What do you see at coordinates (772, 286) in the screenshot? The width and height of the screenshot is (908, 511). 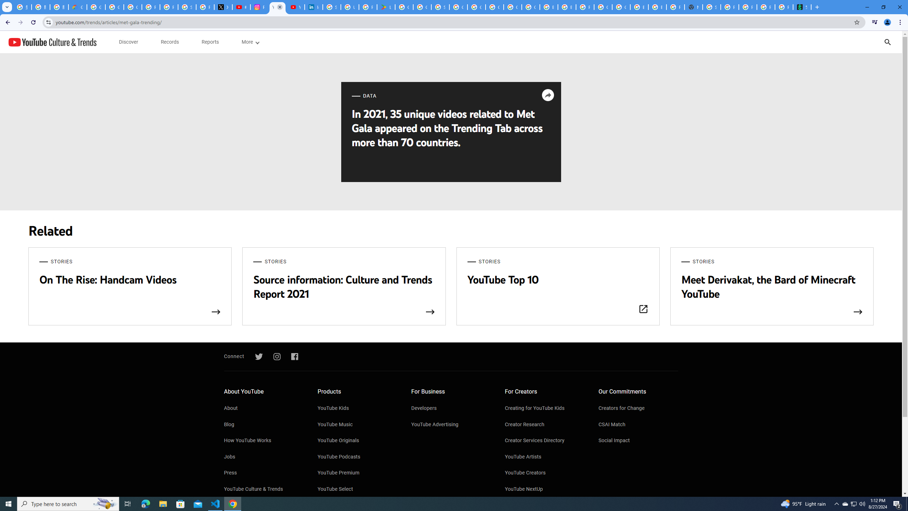 I see `'STORIES Meet Derivakat, the Bard of Minecraft YouTube'` at bounding box center [772, 286].